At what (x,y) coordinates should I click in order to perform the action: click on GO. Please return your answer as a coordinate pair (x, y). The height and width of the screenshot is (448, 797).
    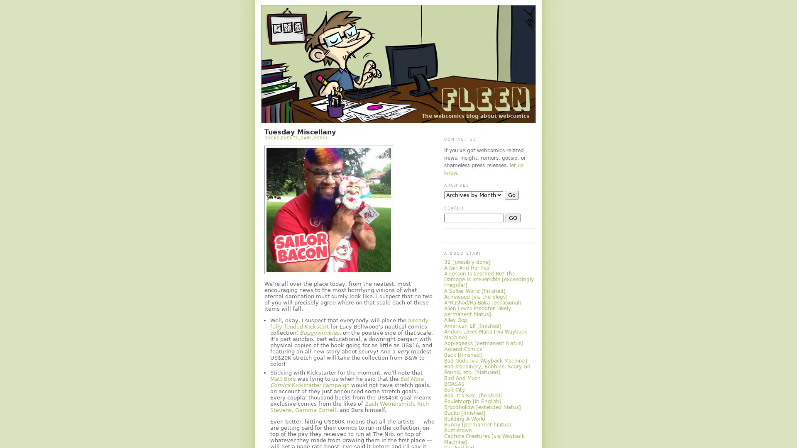
    Looking at the image, I should click on (513, 217).